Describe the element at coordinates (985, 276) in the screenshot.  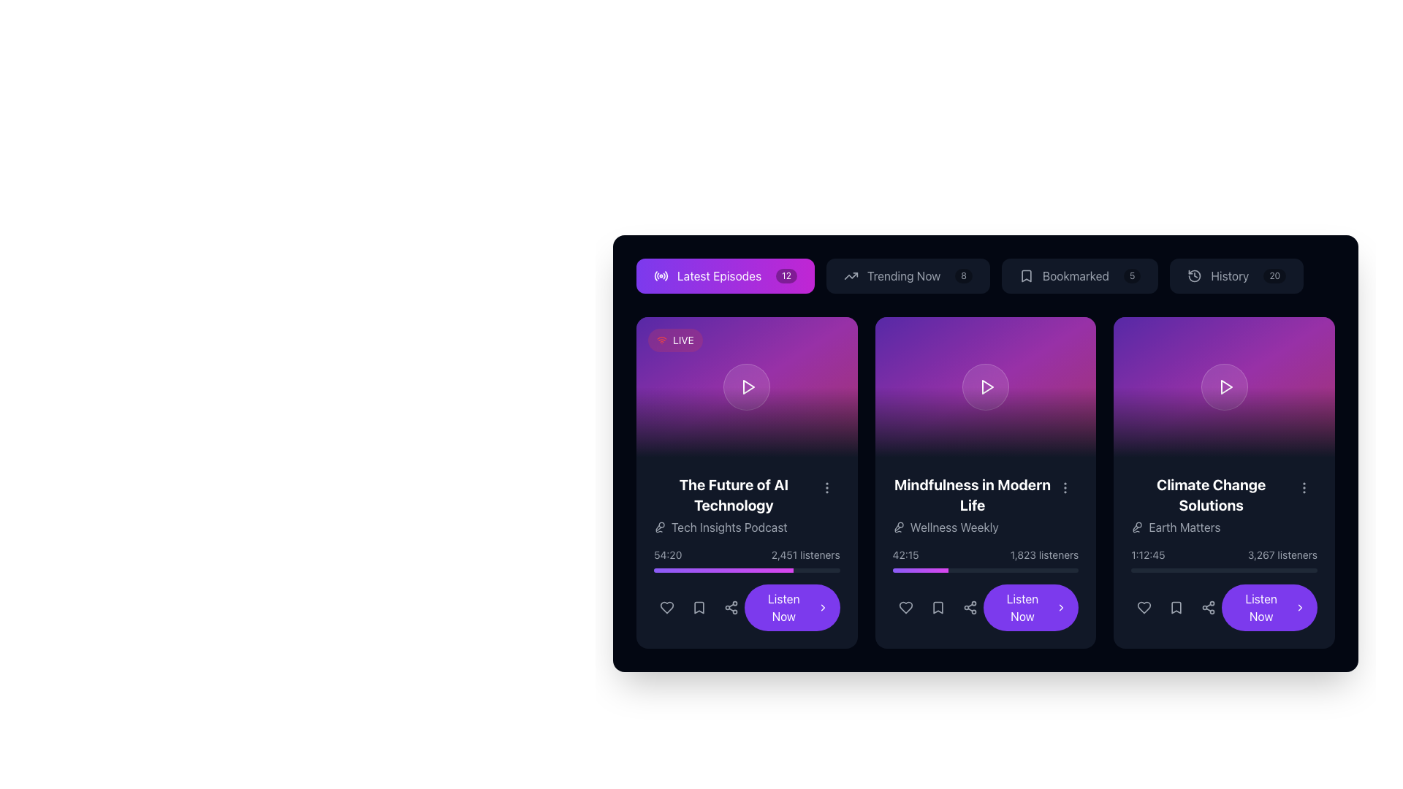
I see `the 'Trending Now' button, which is the second button in a horizontal navigation list, located to the right of 'Latest Episodes' and to the left of 'Bookmarked'` at that location.